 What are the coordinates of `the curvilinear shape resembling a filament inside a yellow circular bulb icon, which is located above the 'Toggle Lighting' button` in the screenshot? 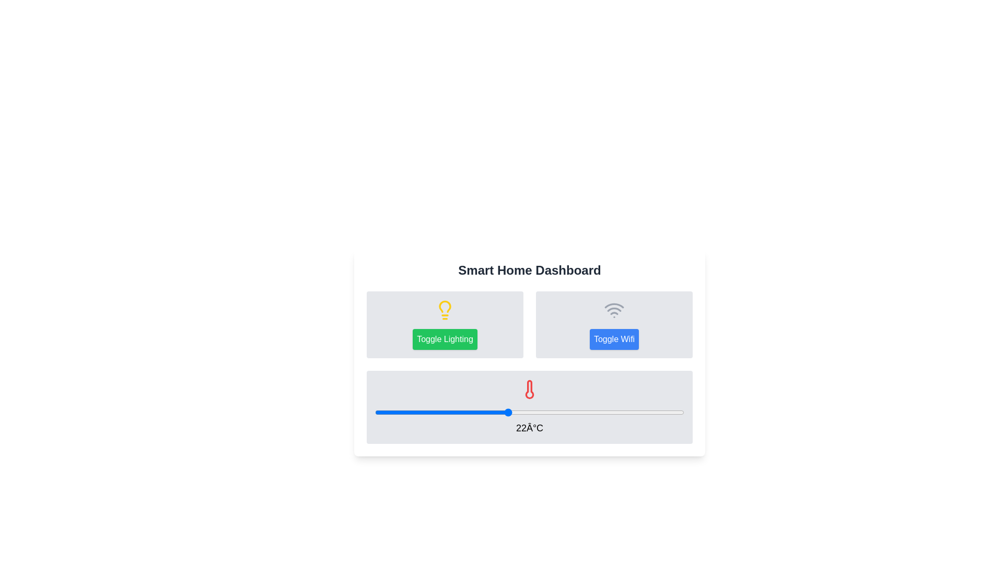 It's located at (445, 305).